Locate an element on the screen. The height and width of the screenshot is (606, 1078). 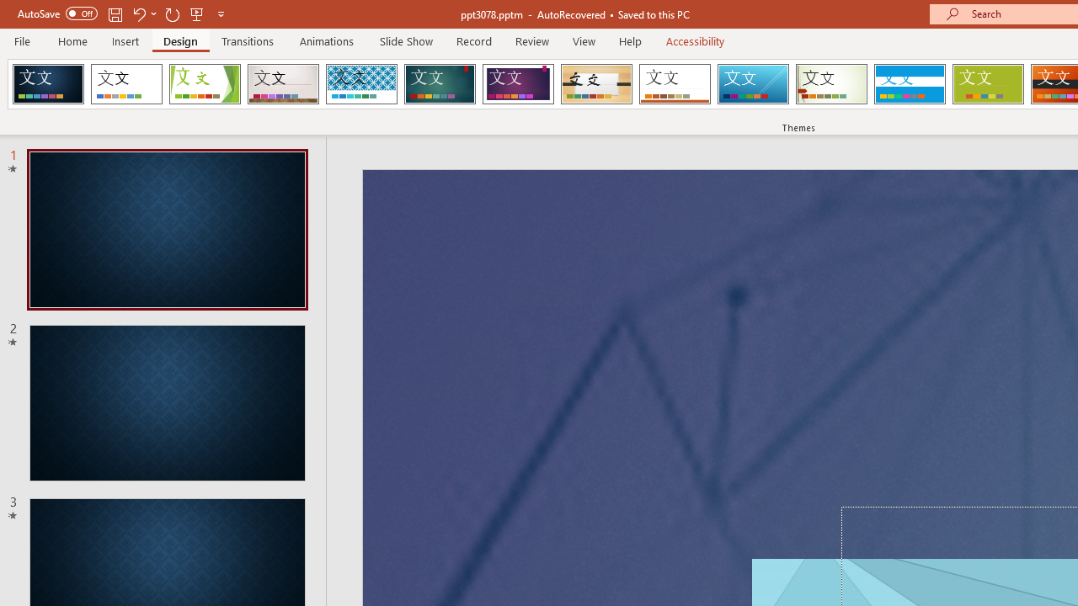
'Wisp' is located at coordinates (831, 84).